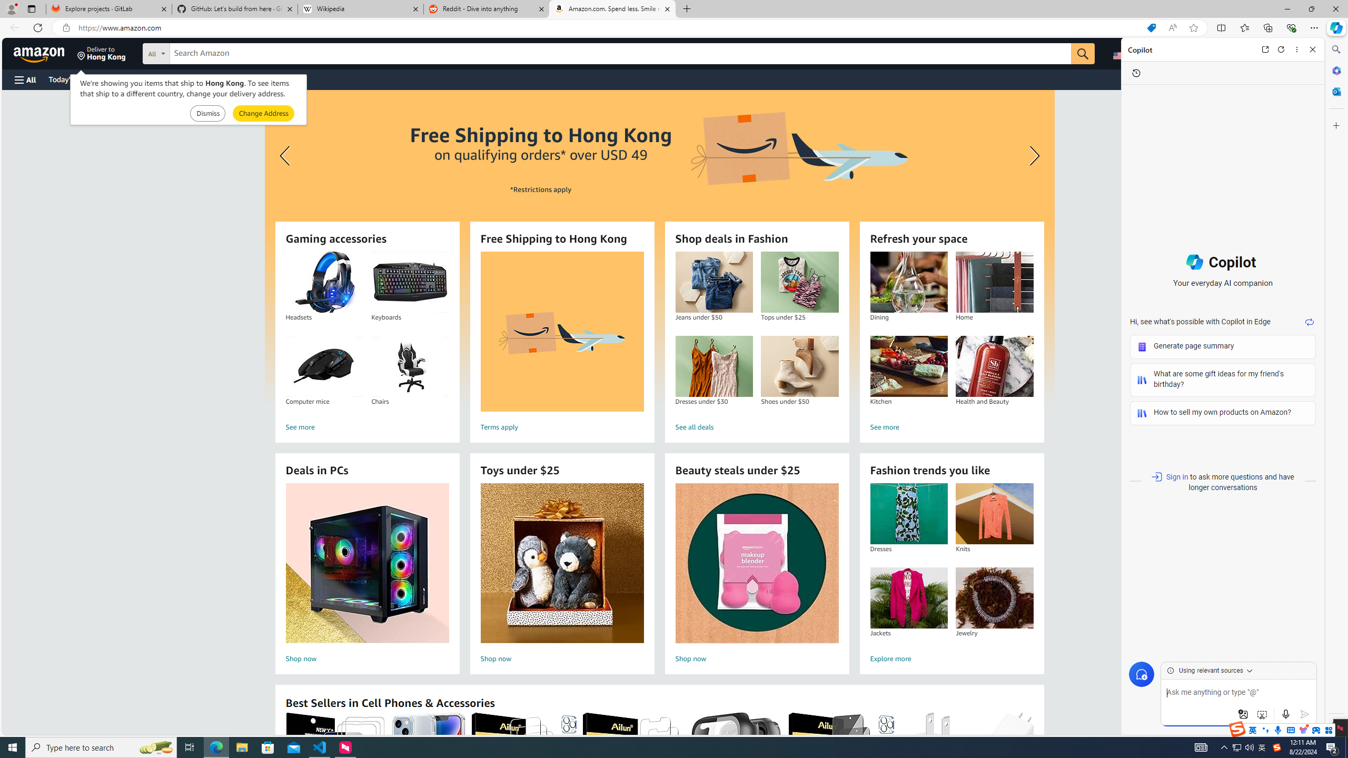  Describe the element at coordinates (324, 366) in the screenshot. I see `'Computer mice'` at that location.